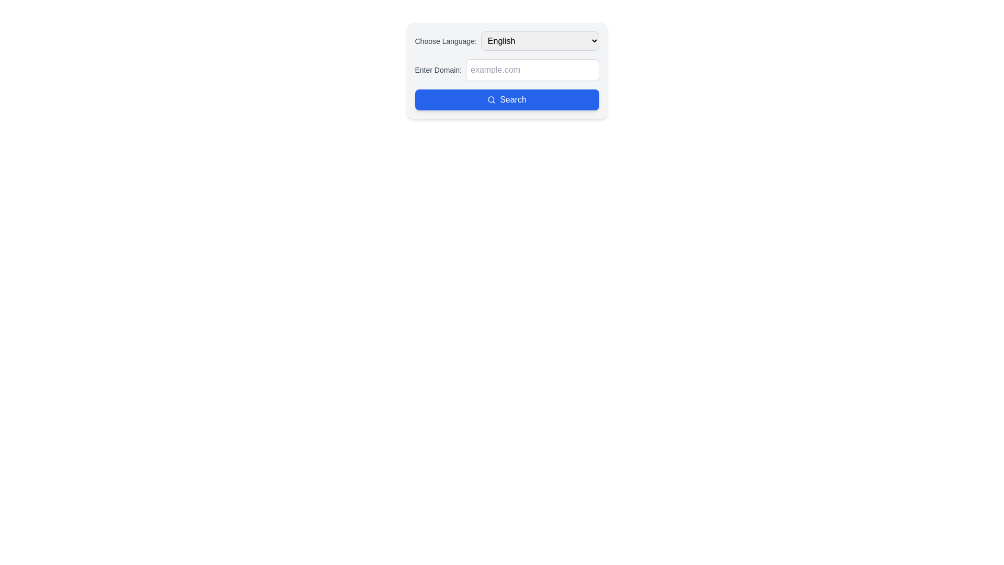 The image size is (1004, 565). I want to click on the instructional Text label that indicates the purpose of the adjacent input field for domain name entry, positioned to the left of the input field in the middle-right of the interface, below the 'Choose Language:' dropdown, so click(438, 70).